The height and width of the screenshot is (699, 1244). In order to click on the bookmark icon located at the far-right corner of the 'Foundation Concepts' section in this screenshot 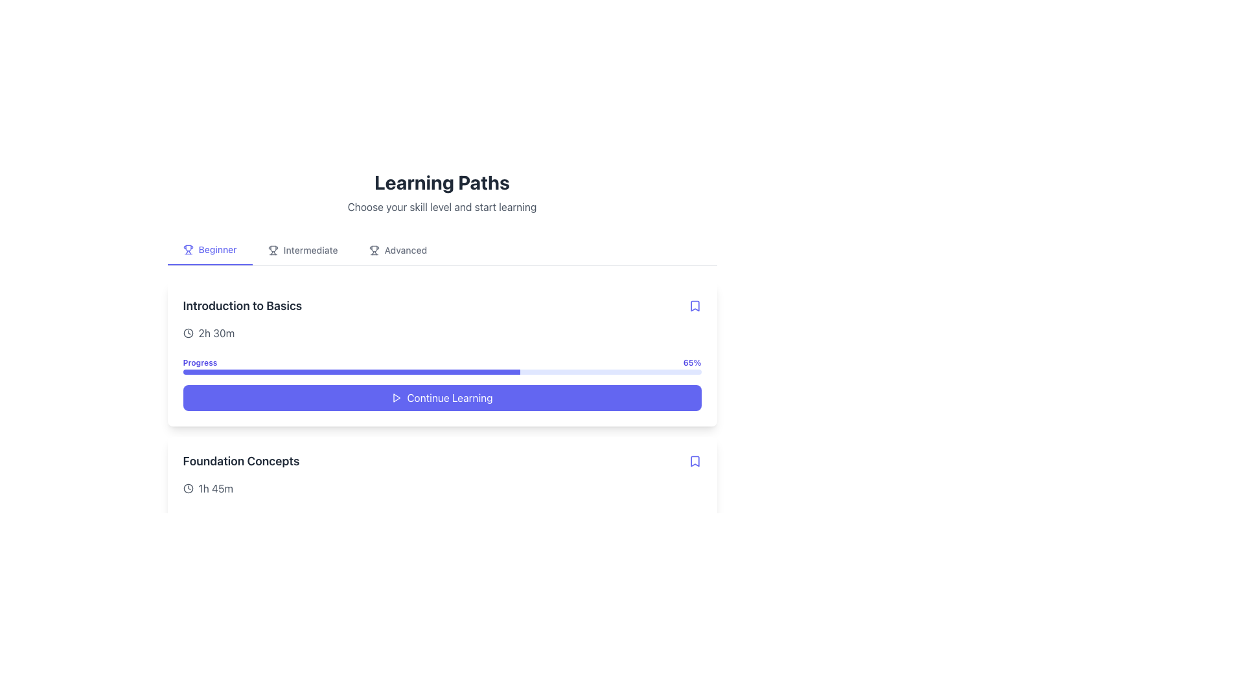, I will do `click(694, 461)`.